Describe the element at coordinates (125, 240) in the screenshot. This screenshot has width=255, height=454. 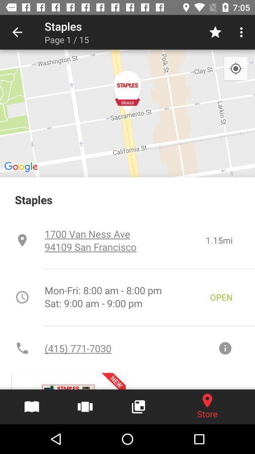
I see `the item to the left of 1.15mi` at that location.